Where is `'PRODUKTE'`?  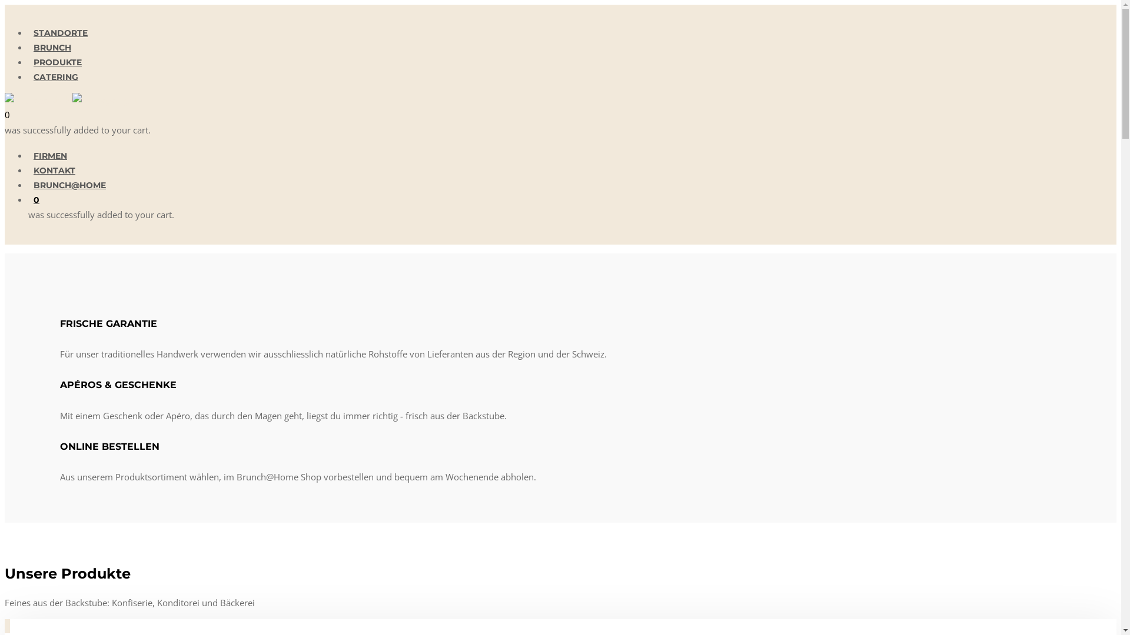
'PRODUKTE' is located at coordinates (28, 62).